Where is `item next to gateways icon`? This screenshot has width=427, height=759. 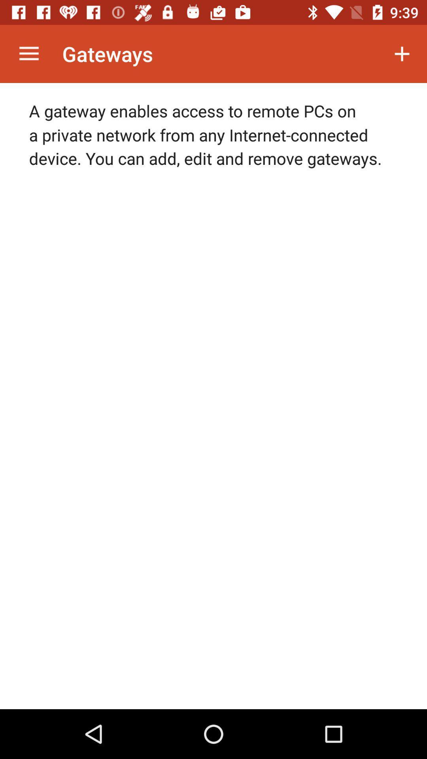
item next to gateways icon is located at coordinates (28, 53).